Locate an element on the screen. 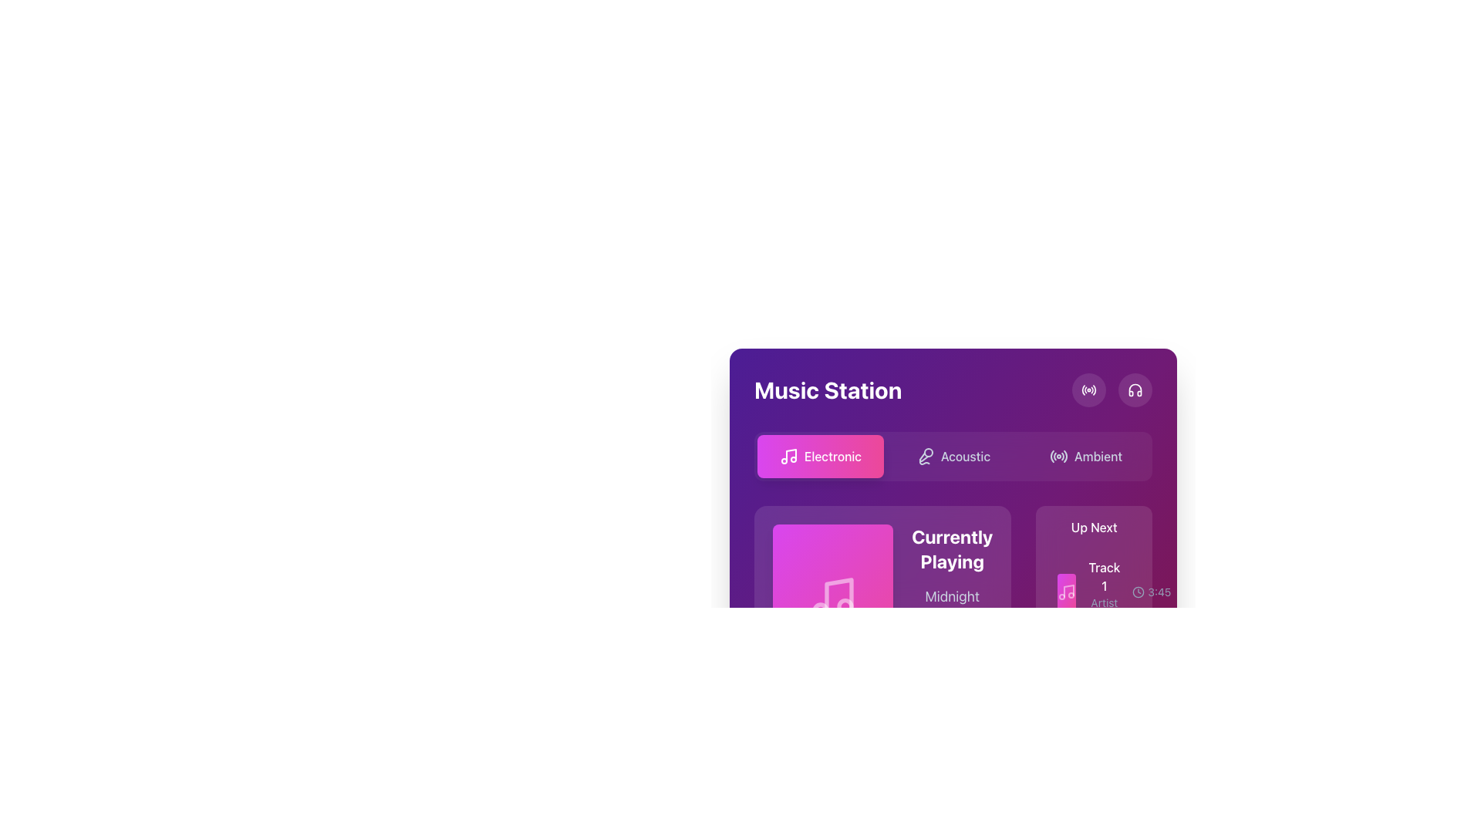 This screenshot has width=1481, height=833. the 'Electronic' button is located at coordinates (820, 455).